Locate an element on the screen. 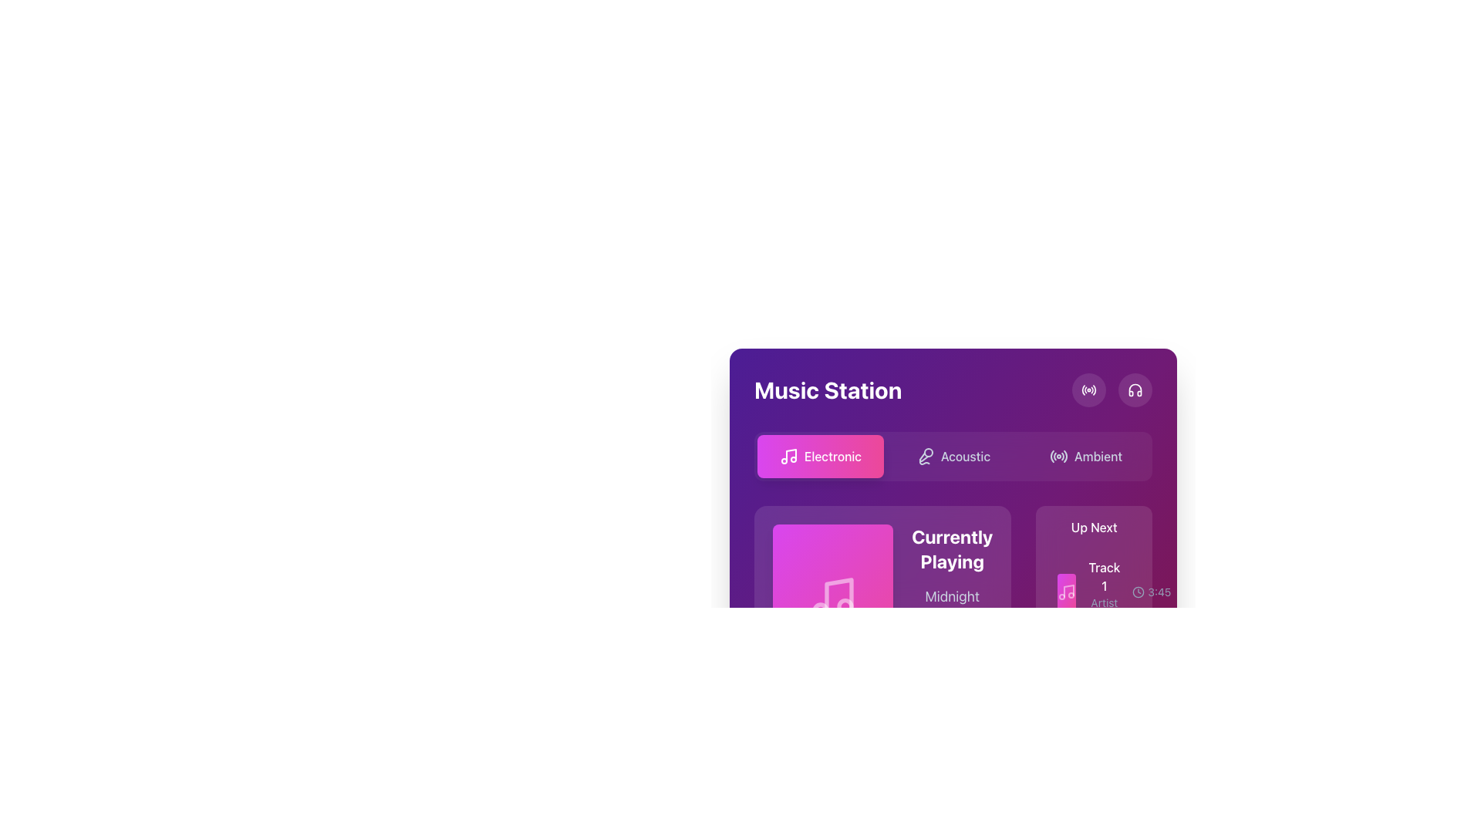 This screenshot has width=1481, height=833. the 'Electronic' button is located at coordinates (820, 455).